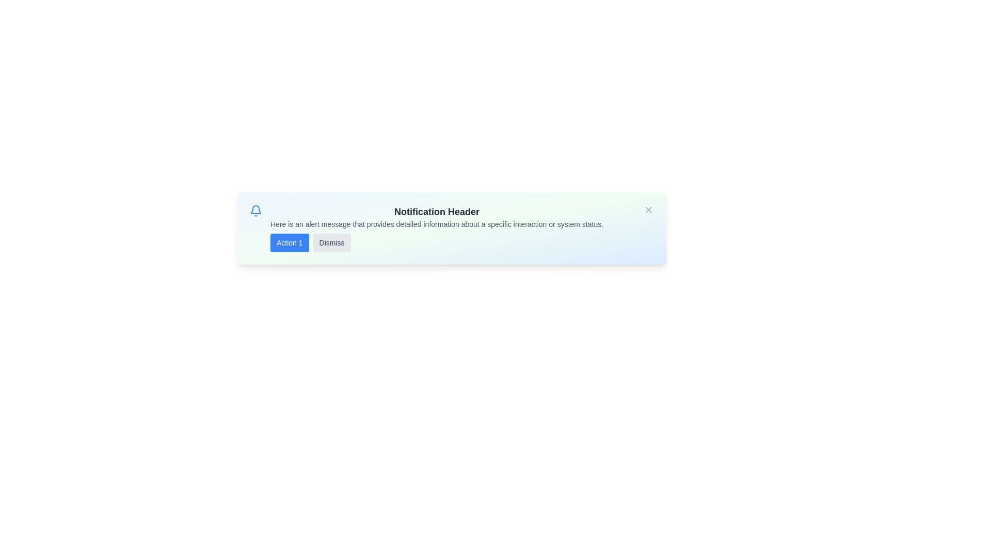  I want to click on the 'Dismiss' button to see the hover effect, so click(332, 242).